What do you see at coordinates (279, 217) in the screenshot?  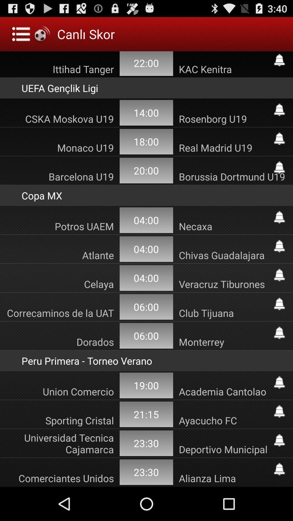 I see `activate alert` at bounding box center [279, 217].